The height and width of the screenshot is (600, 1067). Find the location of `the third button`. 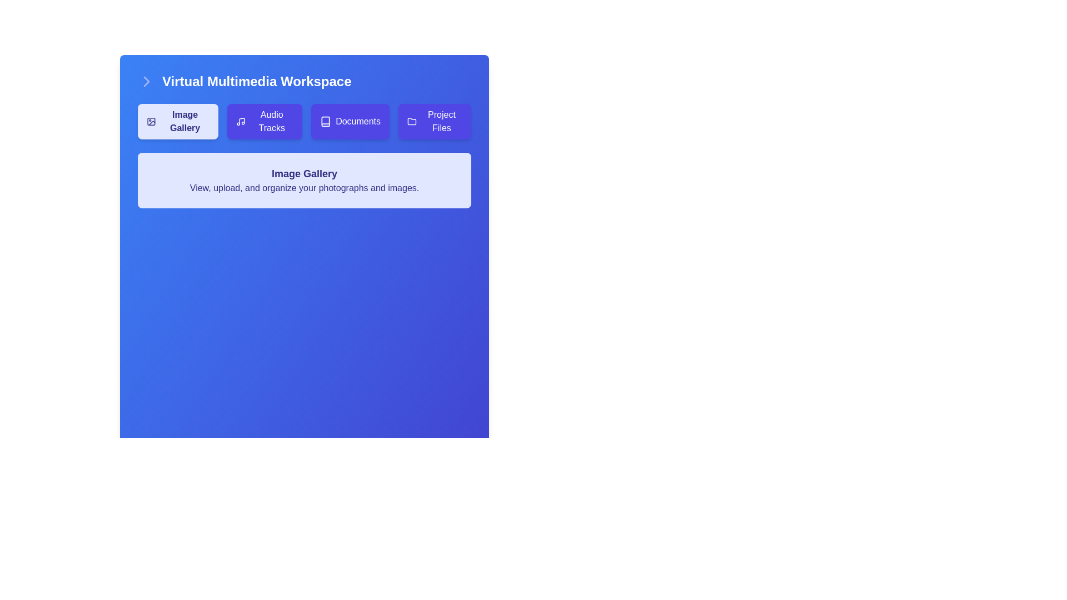

the third button is located at coordinates (350, 122).